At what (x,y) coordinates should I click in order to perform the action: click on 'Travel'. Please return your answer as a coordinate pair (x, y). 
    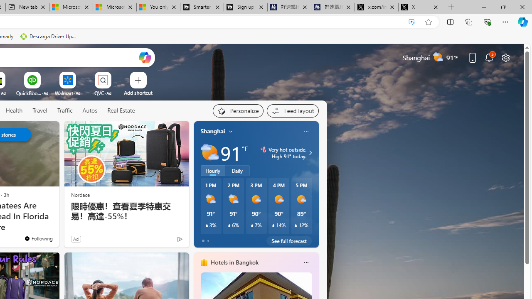
    Looking at the image, I should click on (39, 110).